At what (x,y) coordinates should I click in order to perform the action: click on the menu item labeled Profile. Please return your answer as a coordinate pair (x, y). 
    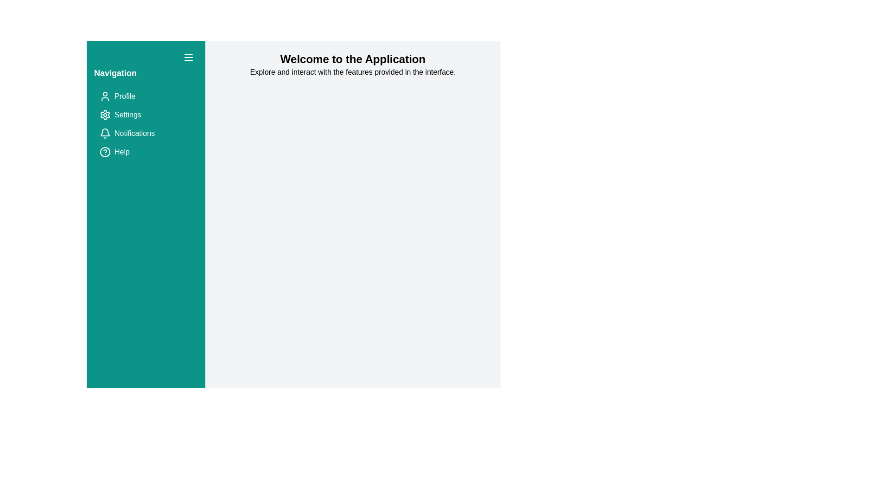
    Looking at the image, I should click on (146, 96).